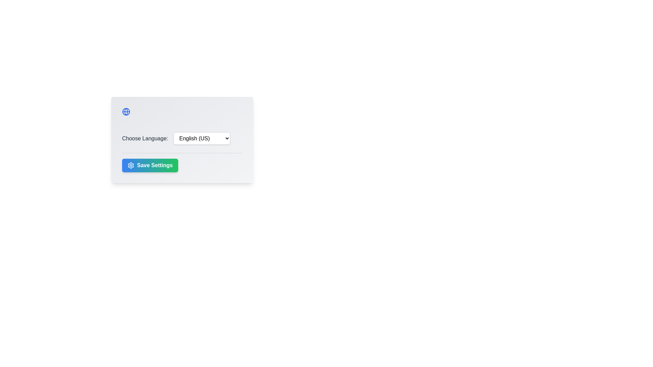  I want to click on the settings icon which signifies application configurations or preferences, located in the top-left corner of the interface, so click(131, 165).